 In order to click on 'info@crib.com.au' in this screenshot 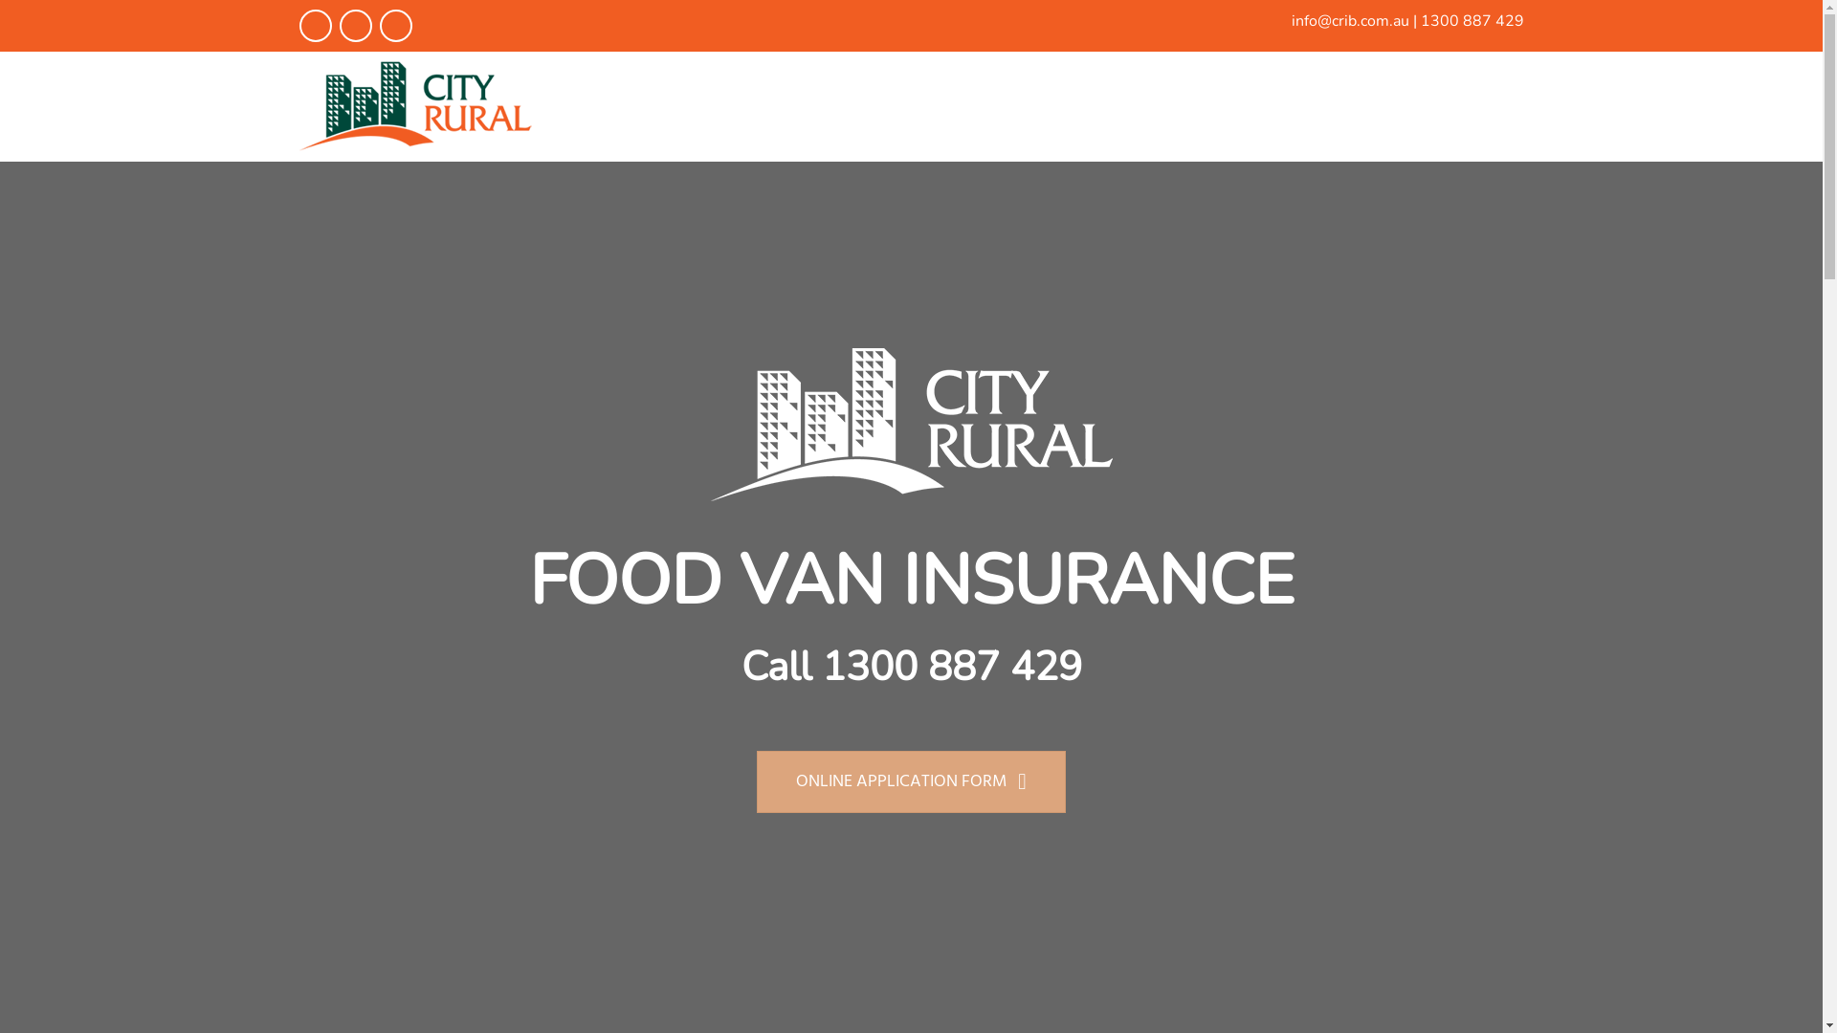, I will do `click(1291, 21)`.